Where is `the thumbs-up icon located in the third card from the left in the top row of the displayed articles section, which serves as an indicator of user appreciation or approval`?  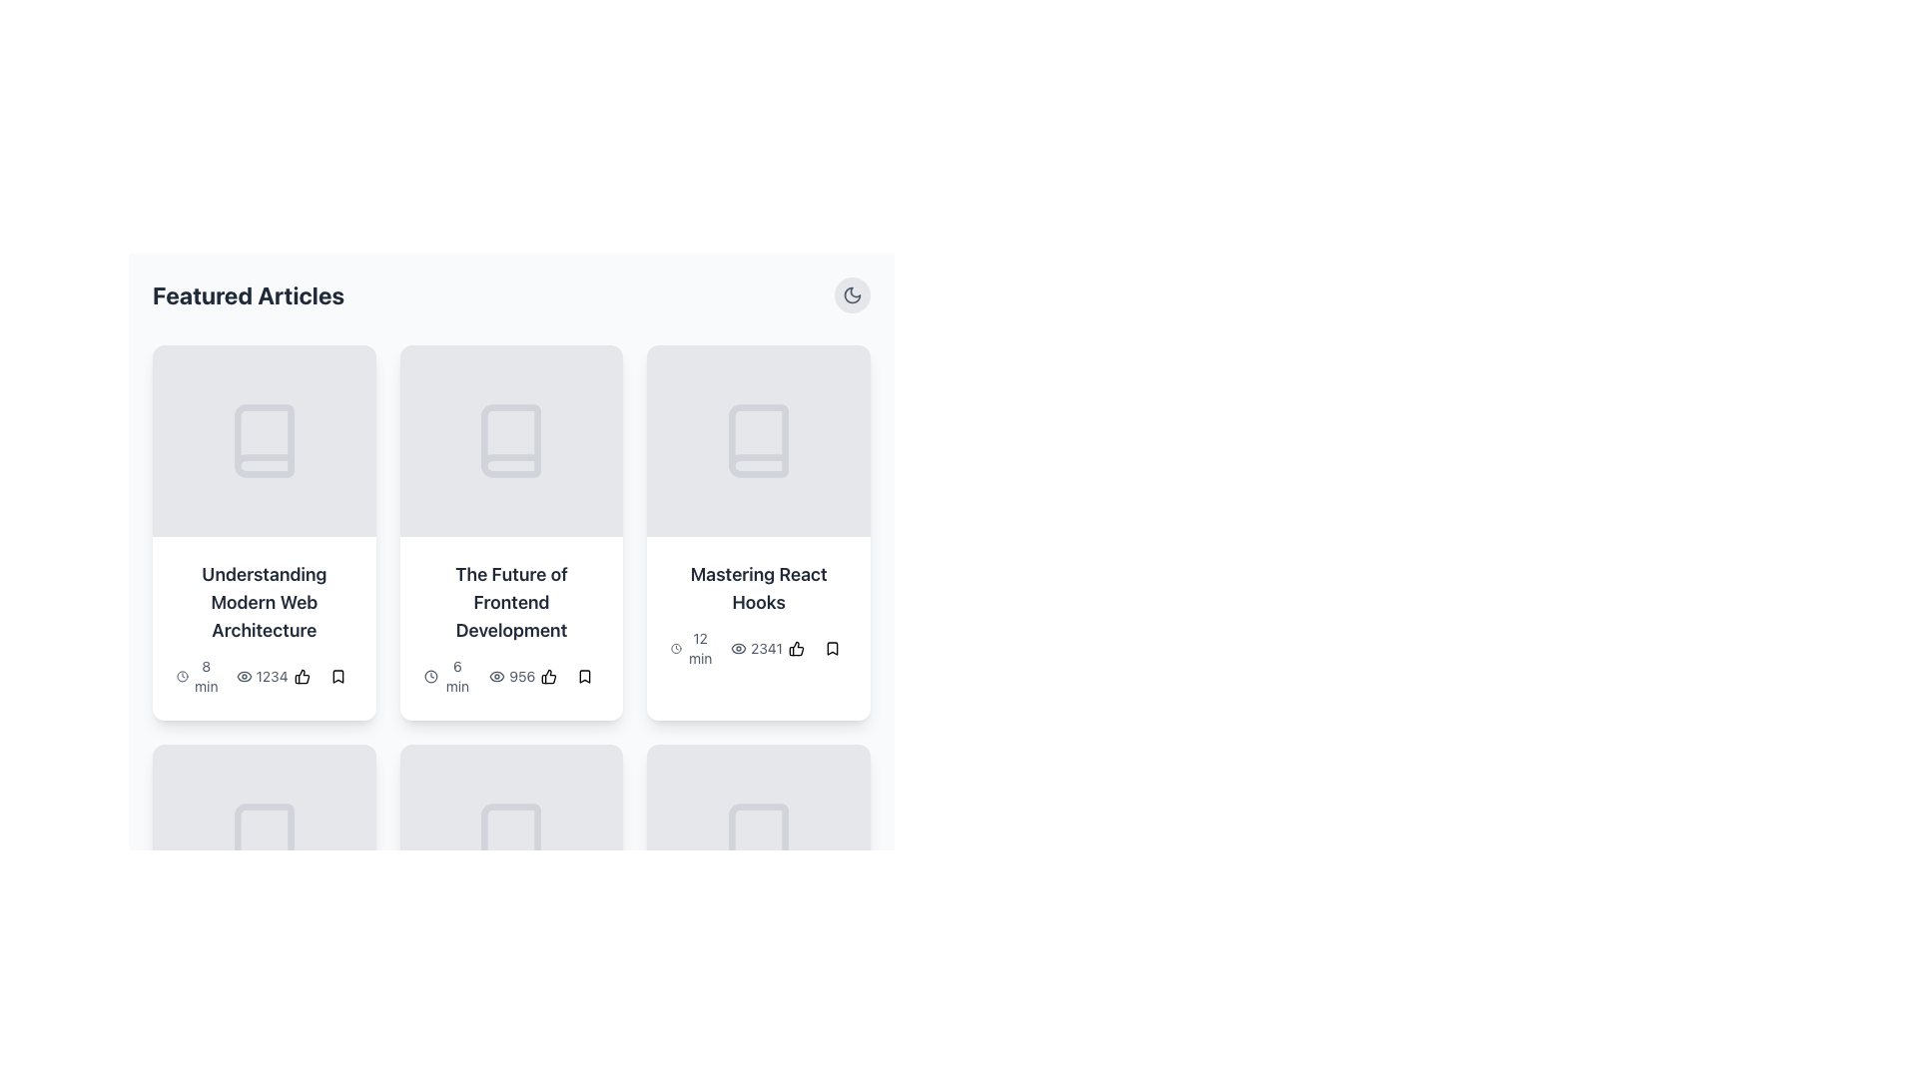
the thumbs-up icon located in the third card from the left in the top row of the displayed articles section, which serves as an indicator of user appreciation or approval is located at coordinates (301, 676).